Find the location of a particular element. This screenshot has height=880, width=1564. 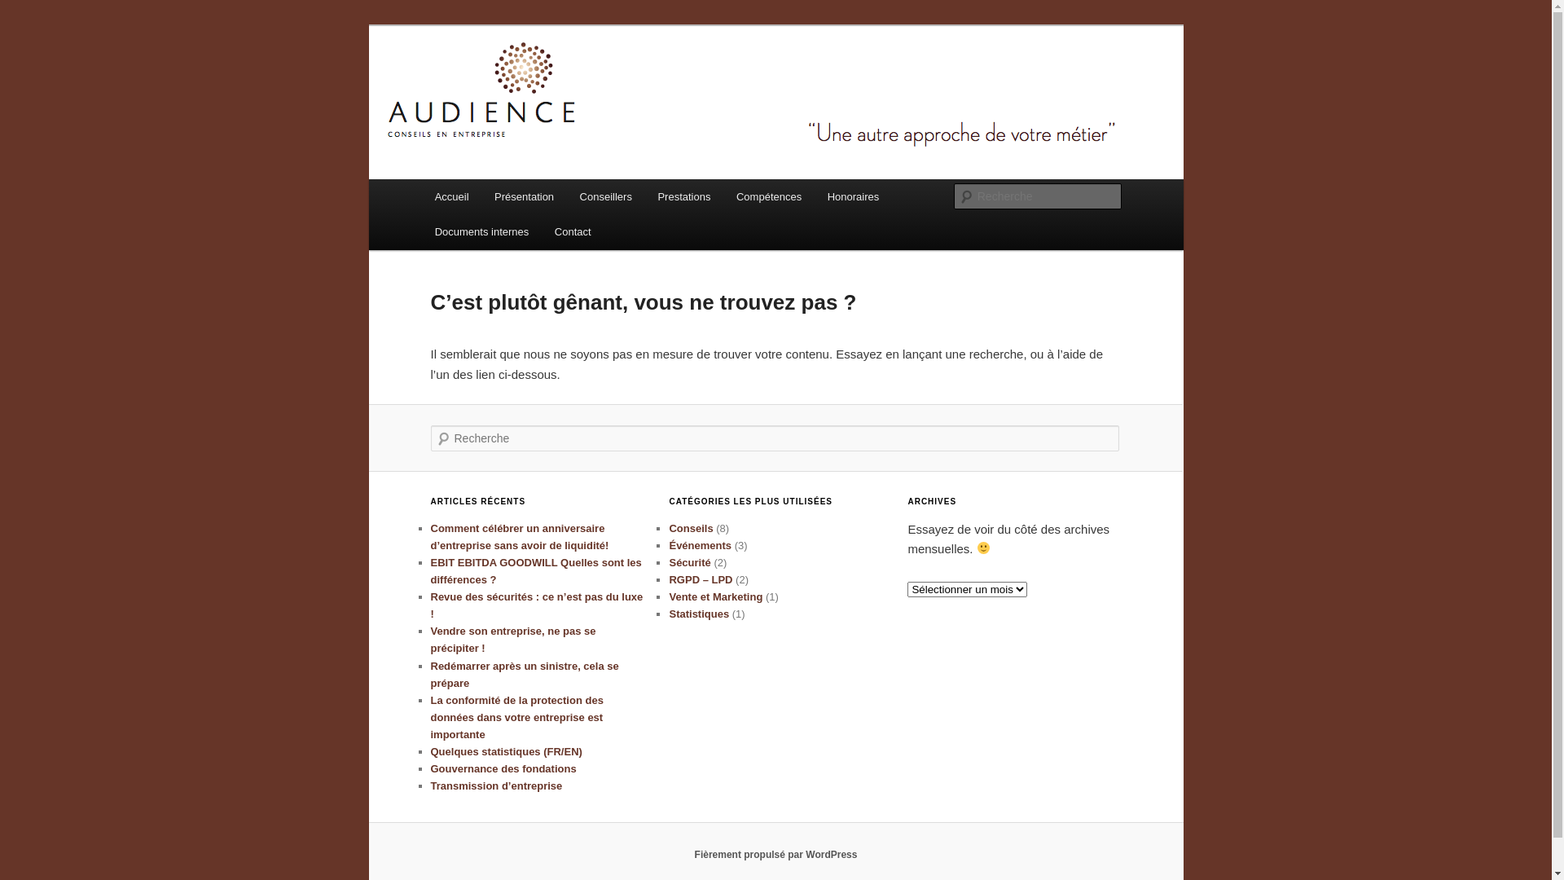

'Prestations' is located at coordinates (644, 196).